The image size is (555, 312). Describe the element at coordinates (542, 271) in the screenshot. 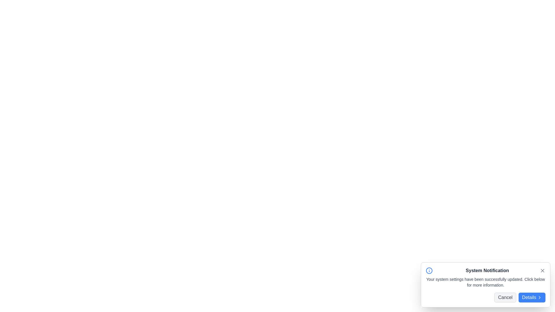

I see `the close button represented by an 'X' icon in gray color located at the top-right corner of the notification box to change its appearance` at that location.